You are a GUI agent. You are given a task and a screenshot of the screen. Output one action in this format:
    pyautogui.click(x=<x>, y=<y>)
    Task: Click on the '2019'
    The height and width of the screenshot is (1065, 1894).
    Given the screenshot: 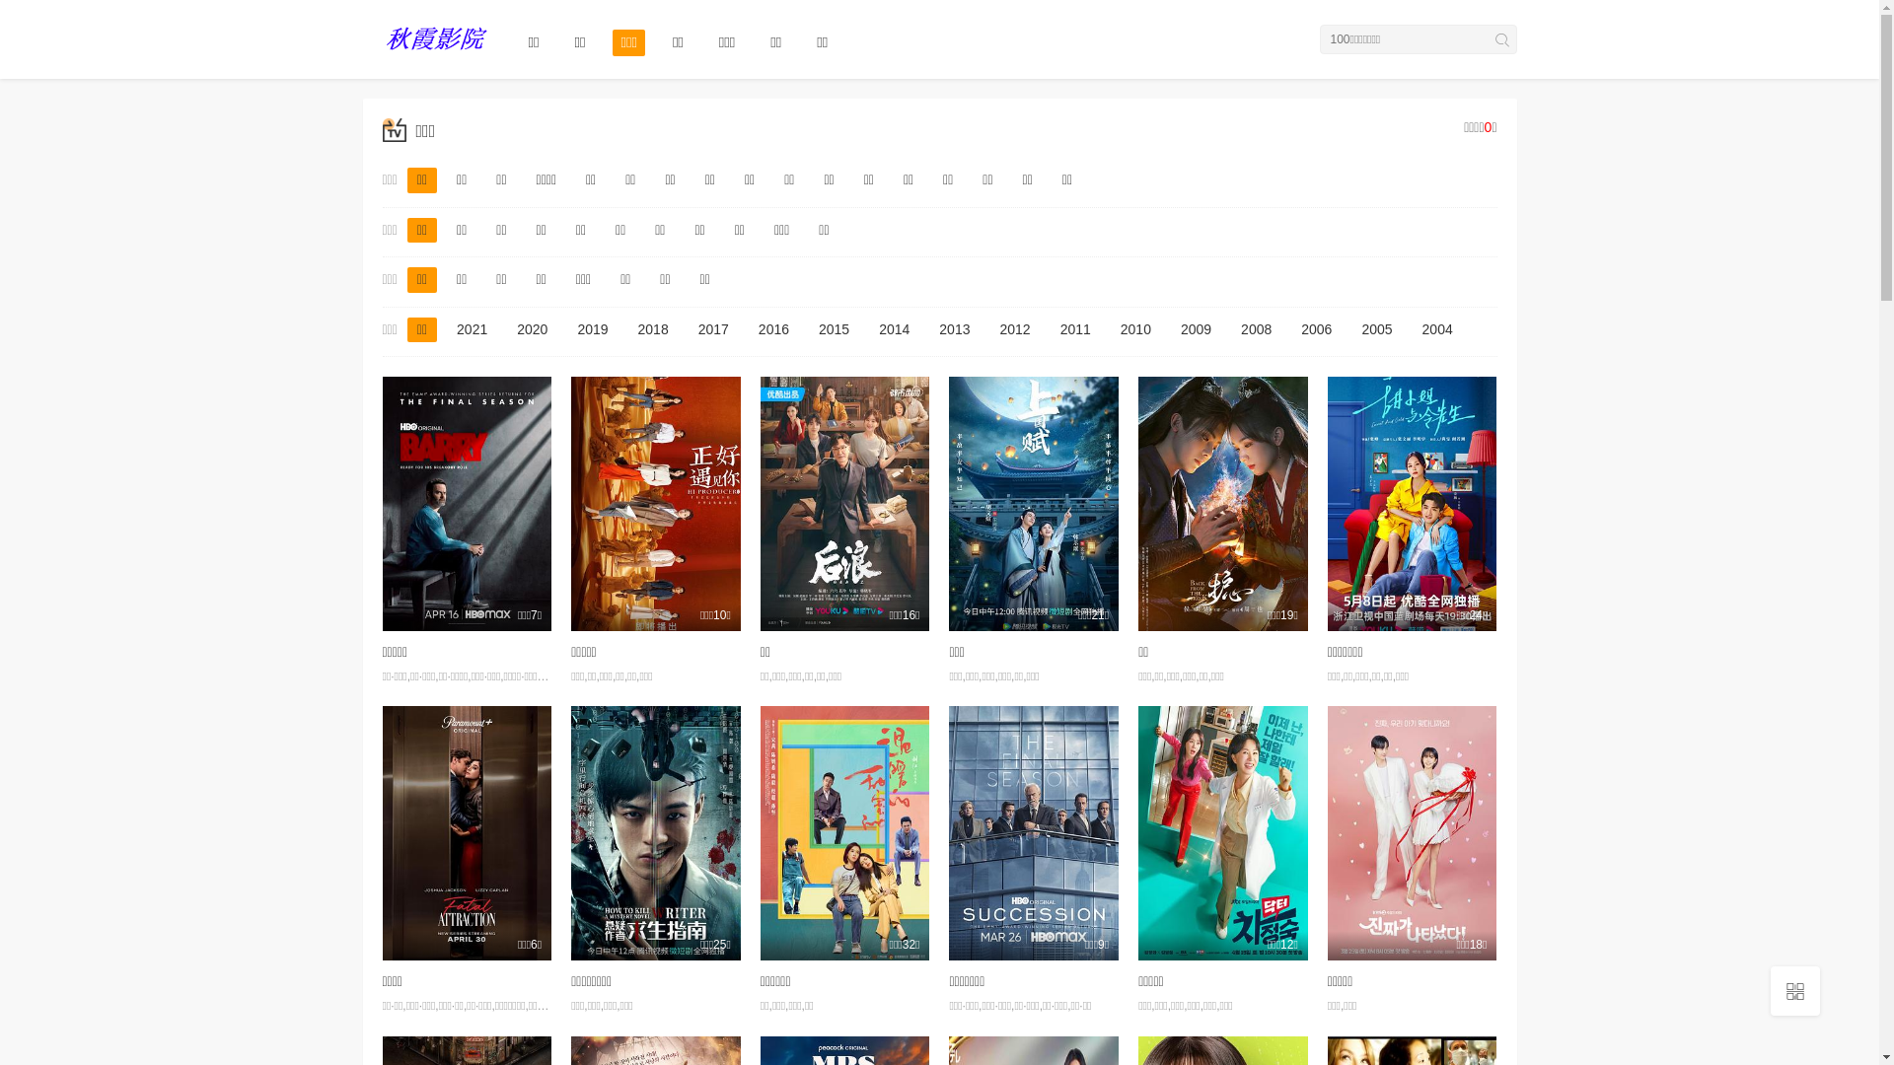 What is the action you would take?
    pyautogui.click(x=591, y=329)
    